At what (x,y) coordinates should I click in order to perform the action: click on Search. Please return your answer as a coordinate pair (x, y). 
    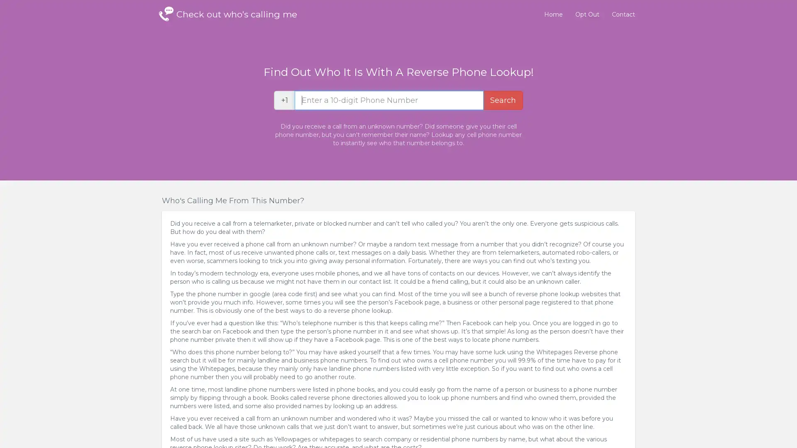
    Looking at the image, I should click on (502, 99).